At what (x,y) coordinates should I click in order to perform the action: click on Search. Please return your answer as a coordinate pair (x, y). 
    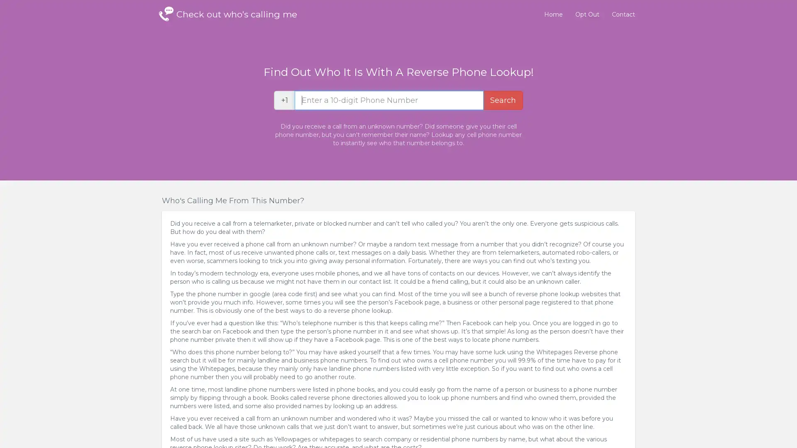
    Looking at the image, I should click on (502, 99).